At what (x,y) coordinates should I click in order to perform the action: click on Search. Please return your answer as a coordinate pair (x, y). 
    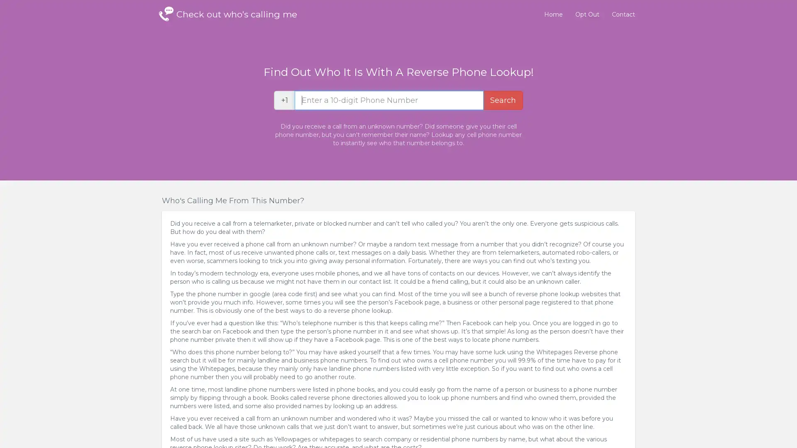
    Looking at the image, I should click on (502, 99).